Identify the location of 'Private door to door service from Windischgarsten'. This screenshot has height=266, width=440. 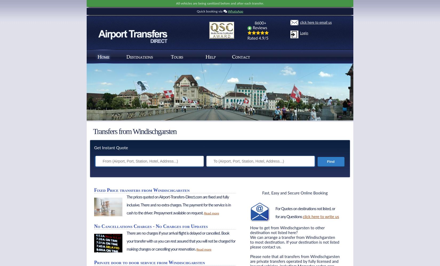
(149, 262).